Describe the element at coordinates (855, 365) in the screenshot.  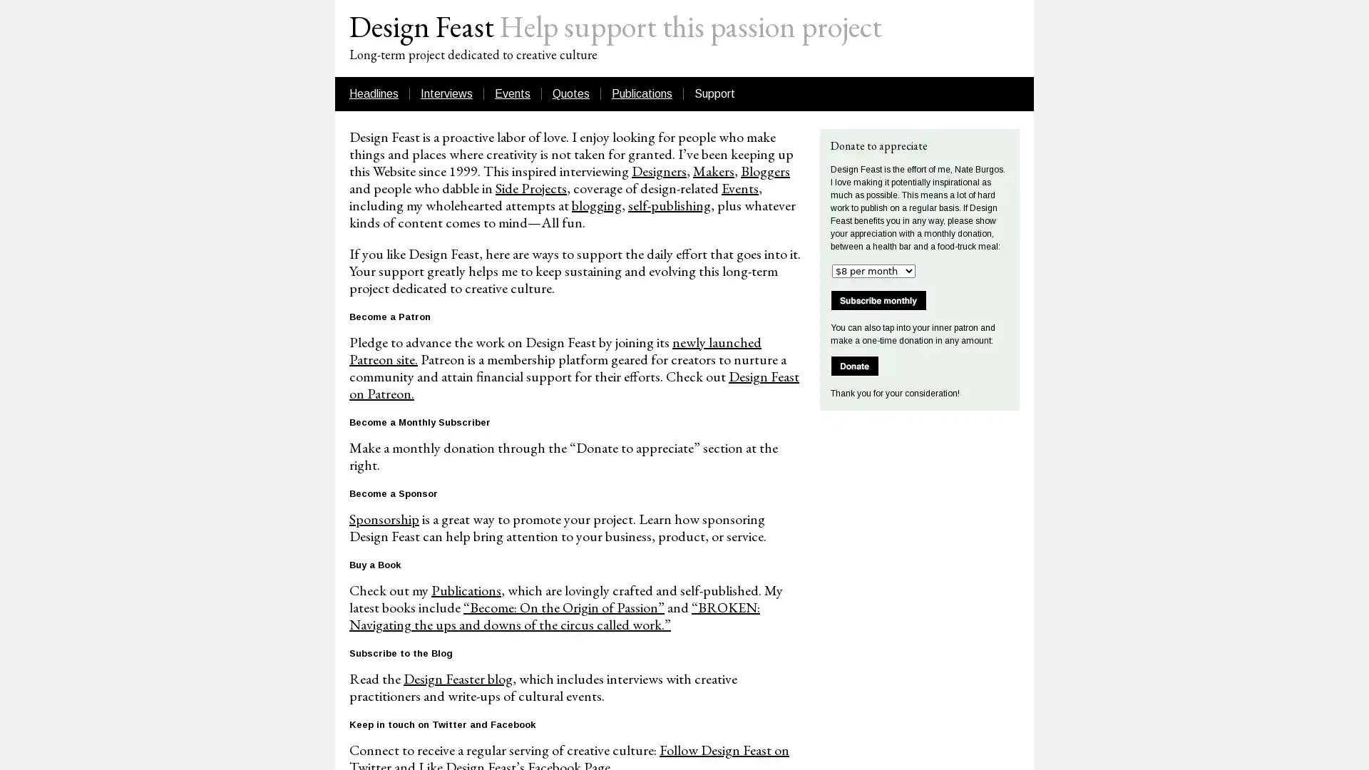
I see `Submit` at that location.